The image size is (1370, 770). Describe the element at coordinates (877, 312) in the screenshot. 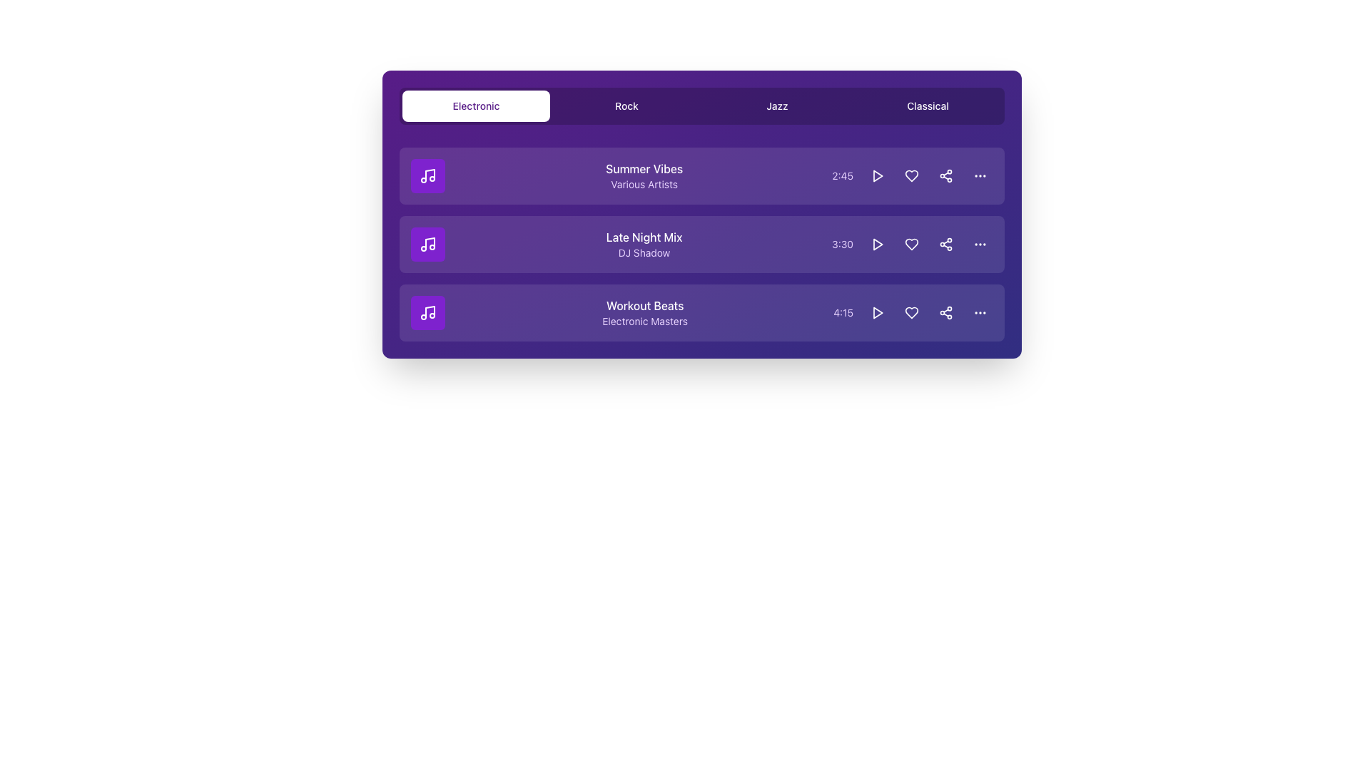

I see `the play button icon located on the right-hand side of the bottommost item in the music track list` at that location.